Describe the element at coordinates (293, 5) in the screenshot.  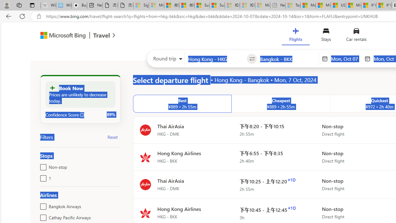
I see `'Top Stories - MSN - Sleeping'` at that location.